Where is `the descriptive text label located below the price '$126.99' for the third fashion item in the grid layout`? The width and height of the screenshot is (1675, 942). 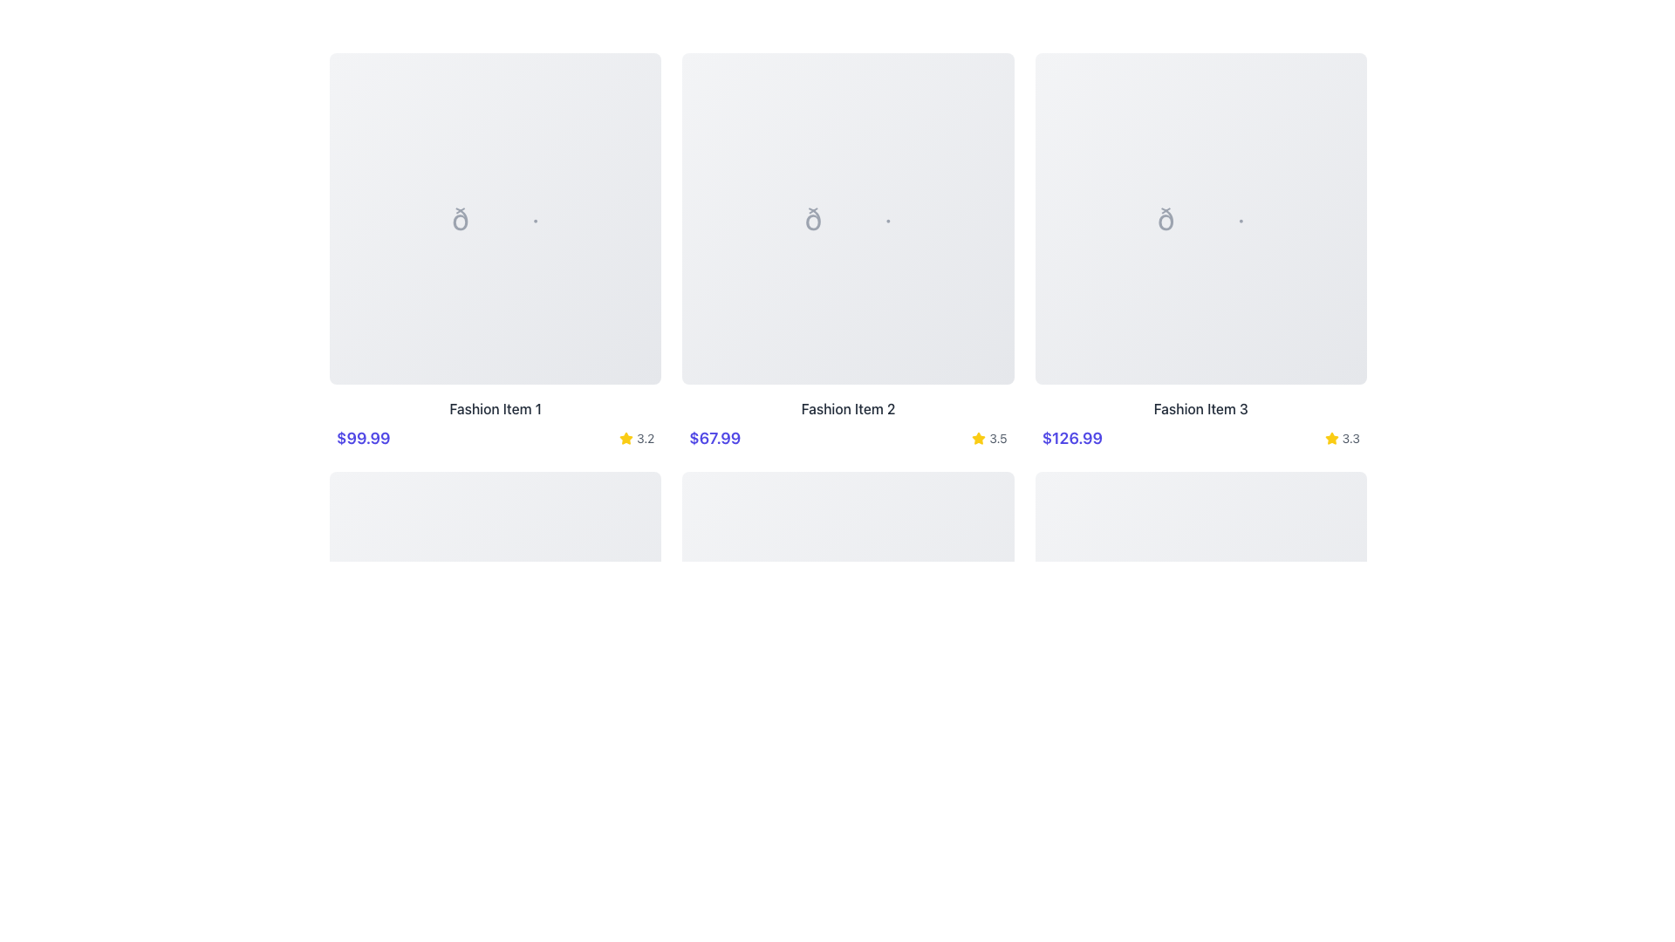 the descriptive text label located below the price '$126.99' for the third fashion item in the grid layout is located at coordinates (1200, 409).